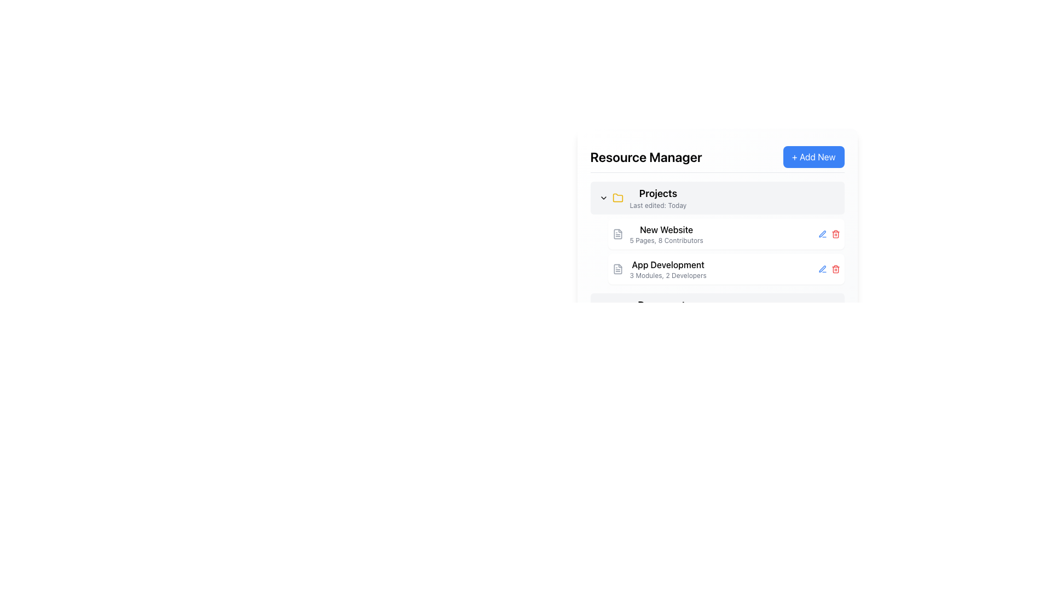  Describe the element at coordinates (829, 269) in the screenshot. I see `the delete button in the group of buttons located at the right end of the 'App Development' row` at that location.